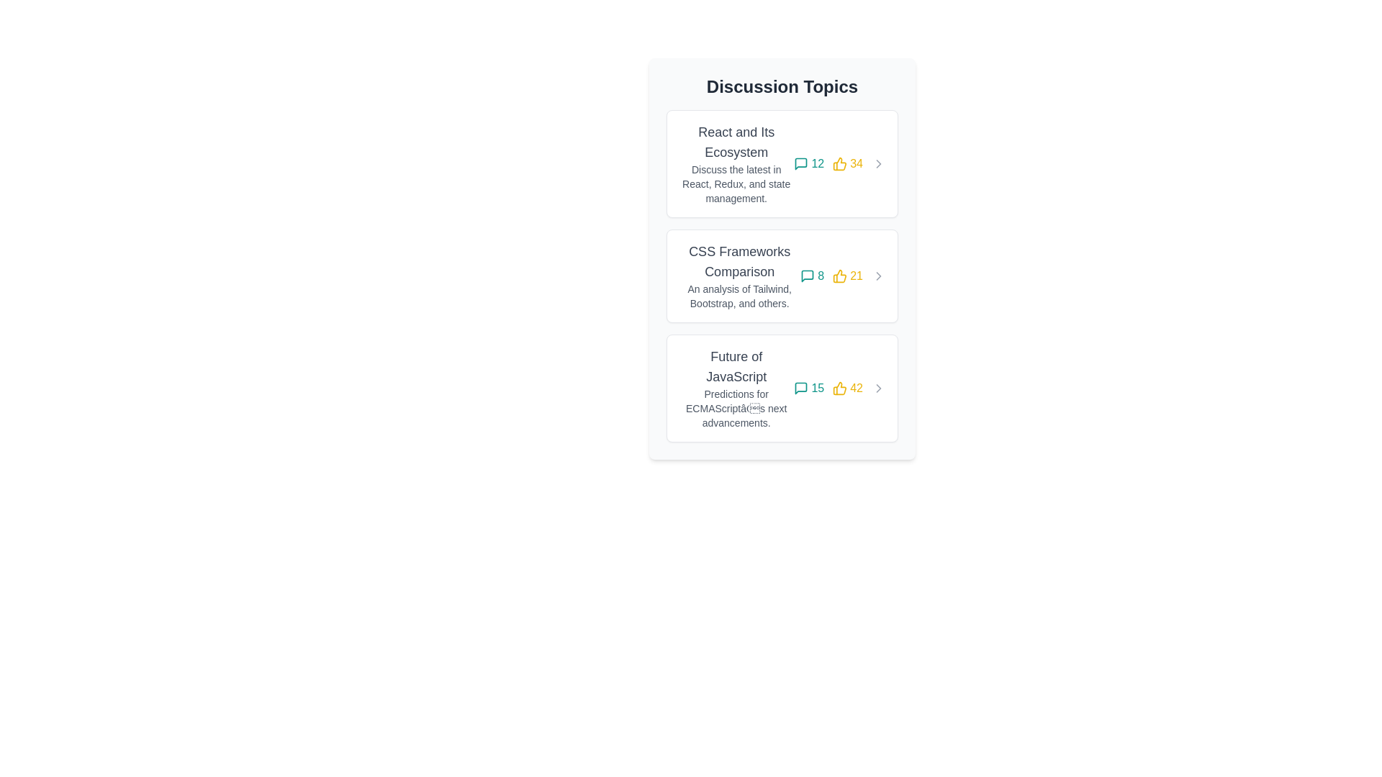 Image resolution: width=1382 pixels, height=777 pixels. I want to click on the graphical counter component displaying the like count for the topic 'Future of JavaScript' located in the bottom-right corner of the card, so click(840, 388).